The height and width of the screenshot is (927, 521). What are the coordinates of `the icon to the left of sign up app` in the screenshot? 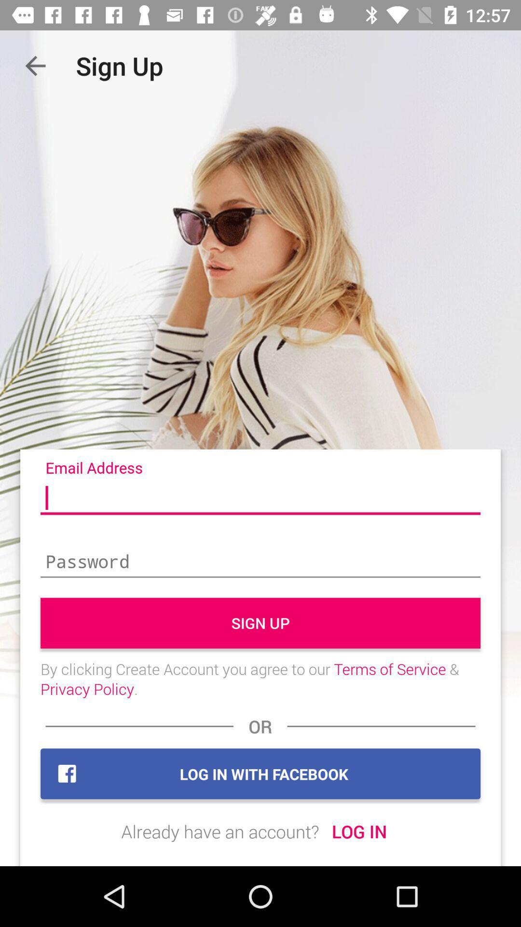 It's located at (35, 65).